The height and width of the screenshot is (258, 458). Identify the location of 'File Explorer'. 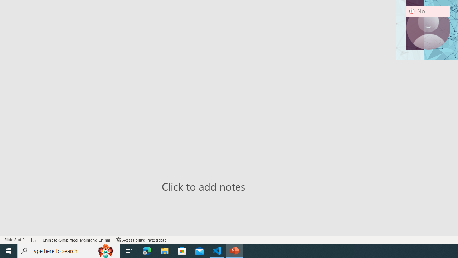
(164, 250).